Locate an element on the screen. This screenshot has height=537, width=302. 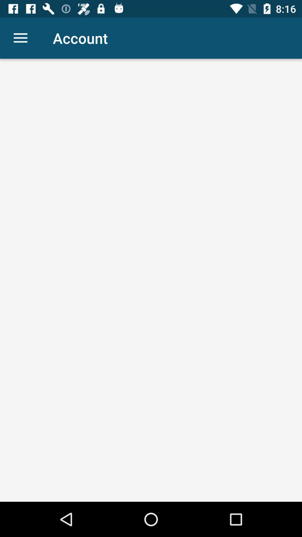
the icon to the left of account icon is located at coordinates (20, 38).